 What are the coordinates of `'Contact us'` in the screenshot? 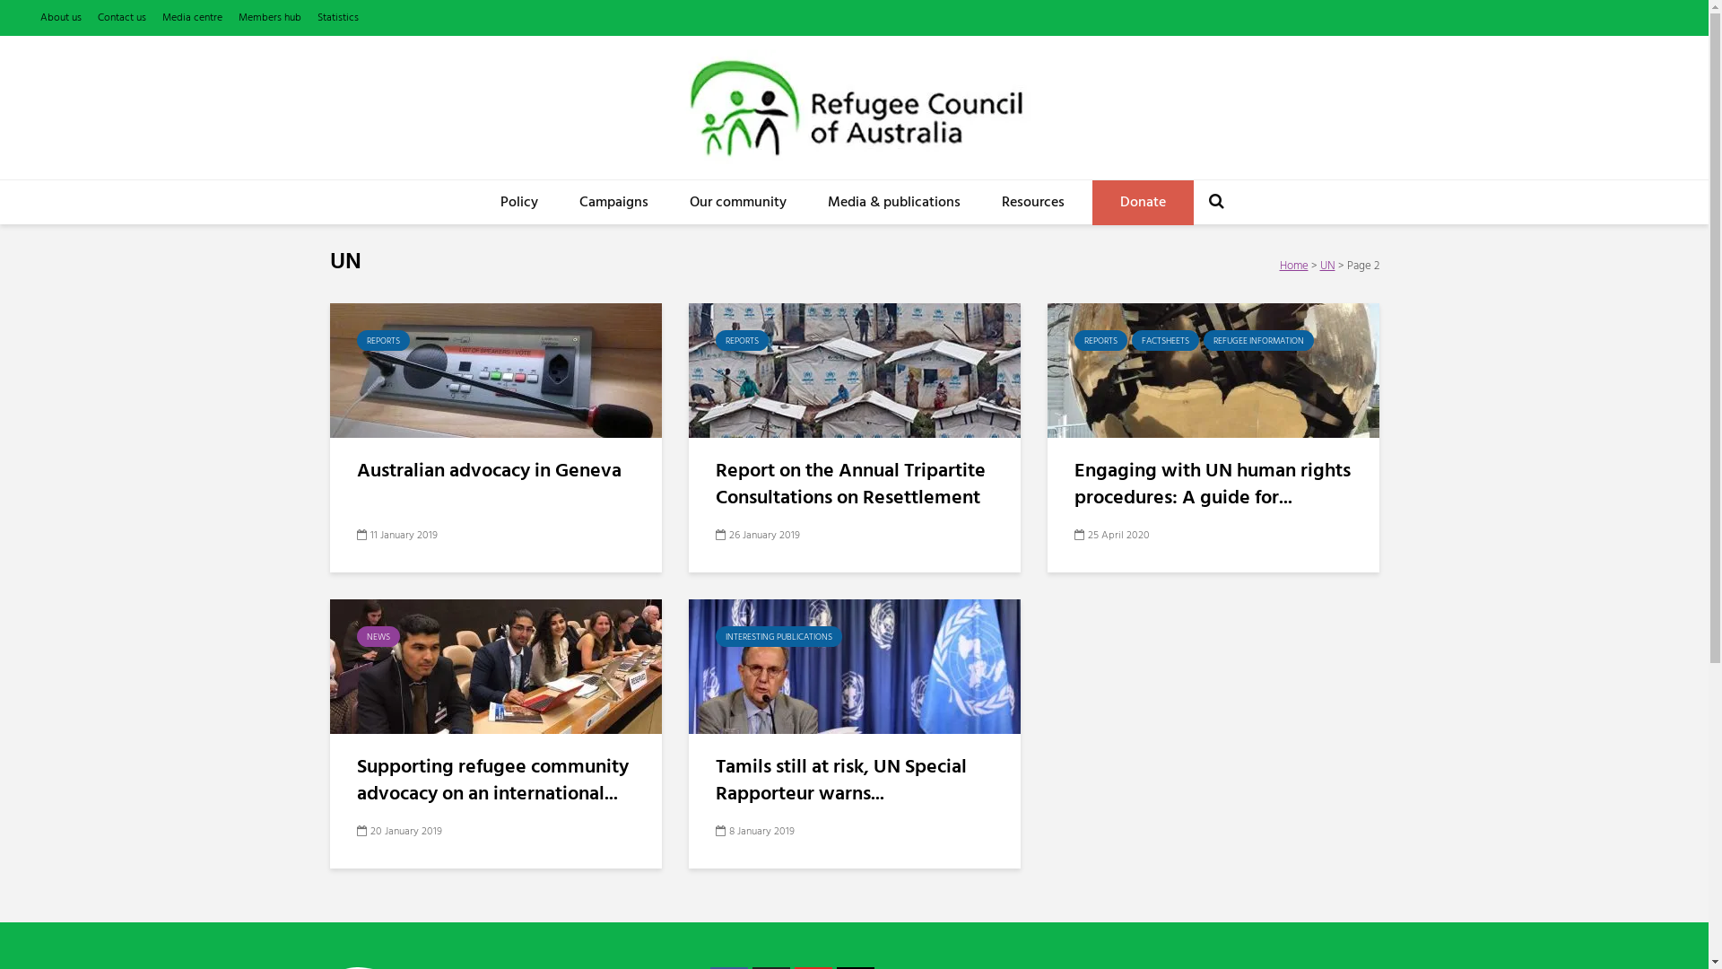 It's located at (97, 17).